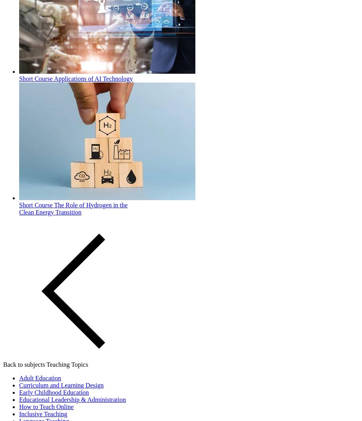  What do you see at coordinates (24, 364) in the screenshot?
I see `'Back to subjects'` at bounding box center [24, 364].